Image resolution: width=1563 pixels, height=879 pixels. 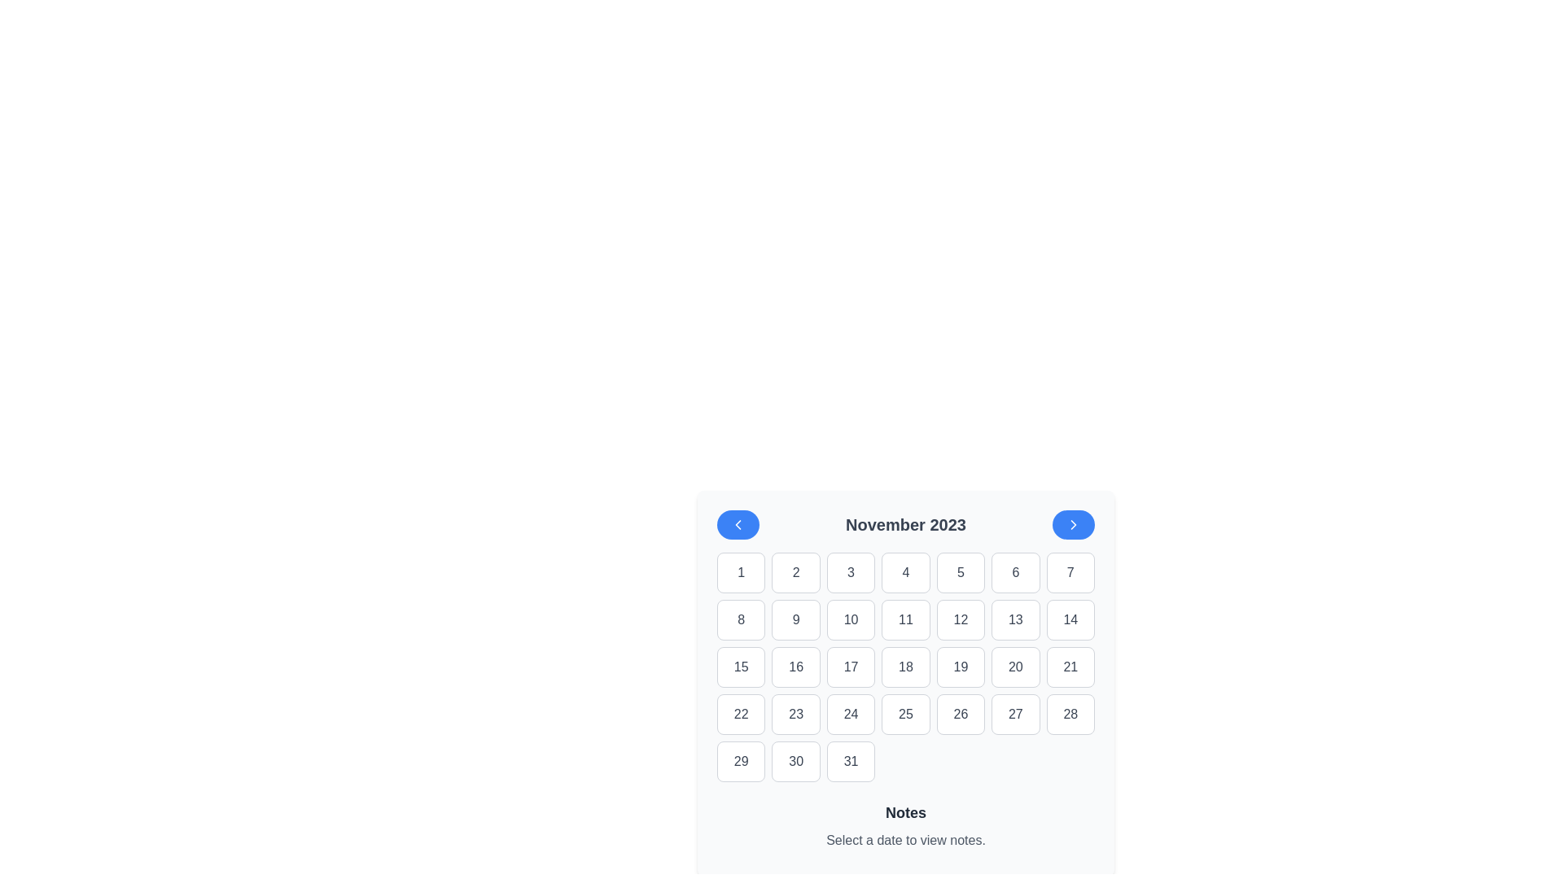 I want to click on the button labeled '14' which is a rounded rectangle with a white background and gray border, located in the second row and seventh column of a calendar grid, so click(x=1070, y=620).